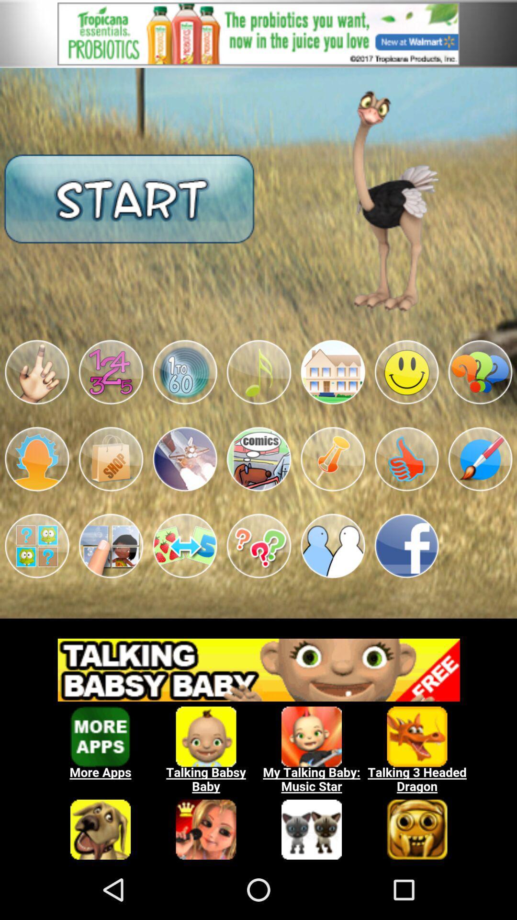 The width and height of the screenshot is (517, 920). I want to click on the music icon, so click(258, 398).